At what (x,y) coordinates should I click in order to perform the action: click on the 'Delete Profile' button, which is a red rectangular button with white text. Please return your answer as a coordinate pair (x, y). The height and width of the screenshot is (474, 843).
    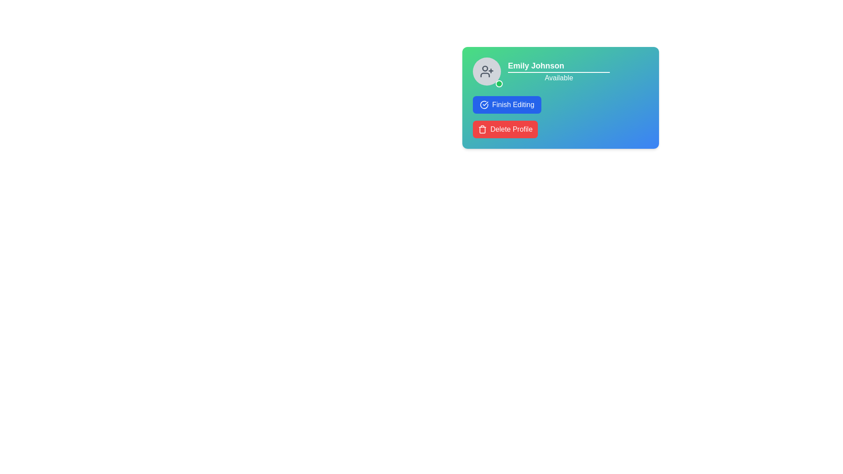
    Looking at the image, I should click on (512, 129).